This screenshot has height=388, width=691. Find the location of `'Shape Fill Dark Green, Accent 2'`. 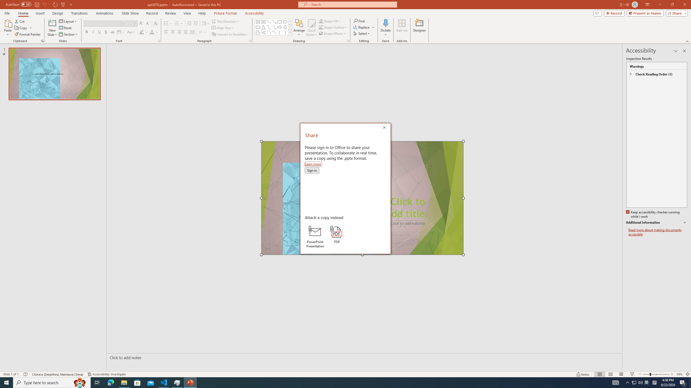

'Shape Fill Dark Green, Accent 2' is located at coordinates (321, 21).